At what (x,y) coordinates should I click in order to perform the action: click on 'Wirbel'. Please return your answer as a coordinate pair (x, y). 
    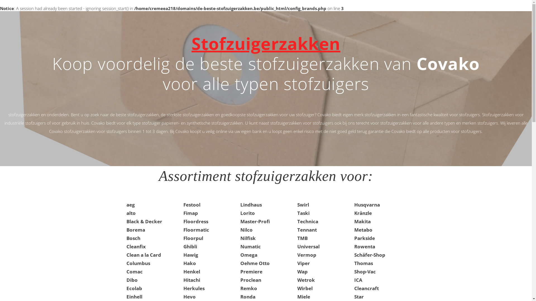
    Looking at the image, I should click on (304, 288).